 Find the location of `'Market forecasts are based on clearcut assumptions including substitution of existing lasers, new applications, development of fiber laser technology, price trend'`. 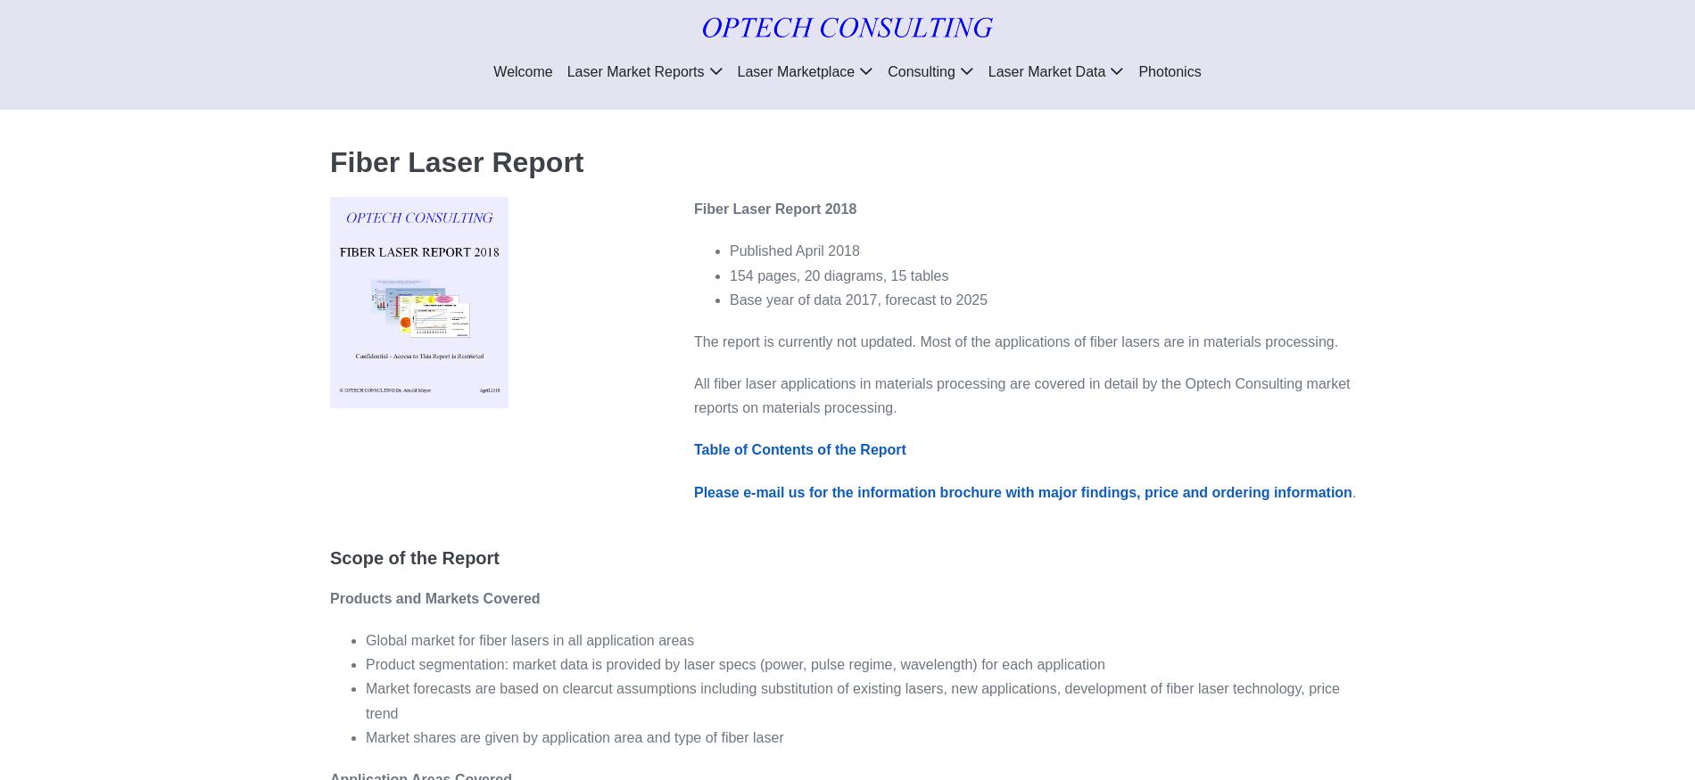

'Market forecasts are based on clearcut assumptions including substitution of existing lasers, new applications, development of fiber laser technology, price trend' is located at coordinates (852, 700).